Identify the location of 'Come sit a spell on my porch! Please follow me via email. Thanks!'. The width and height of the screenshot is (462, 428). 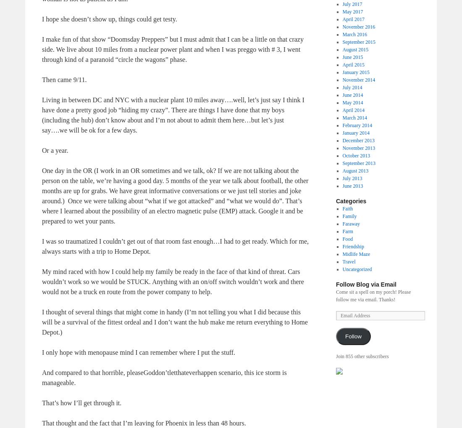
(373, 295).